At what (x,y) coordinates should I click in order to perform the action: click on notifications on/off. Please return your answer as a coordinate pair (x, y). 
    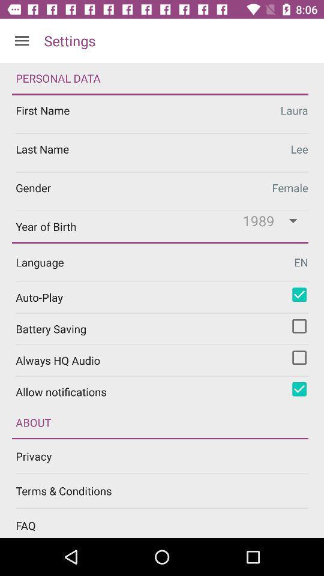
    Looking at the image, I should click on (299, 388).